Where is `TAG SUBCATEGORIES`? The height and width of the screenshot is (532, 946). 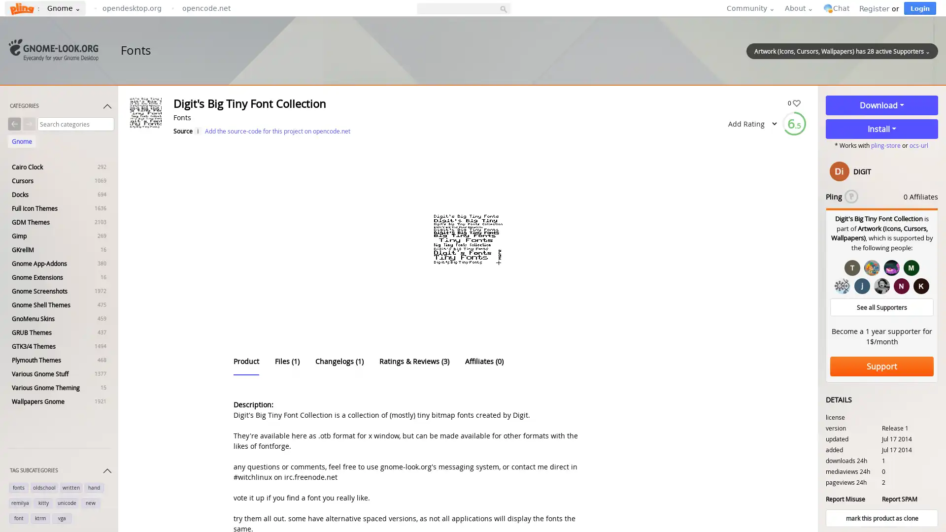 TAG SUBCATEGORIES is located at coordinates (61, 472).